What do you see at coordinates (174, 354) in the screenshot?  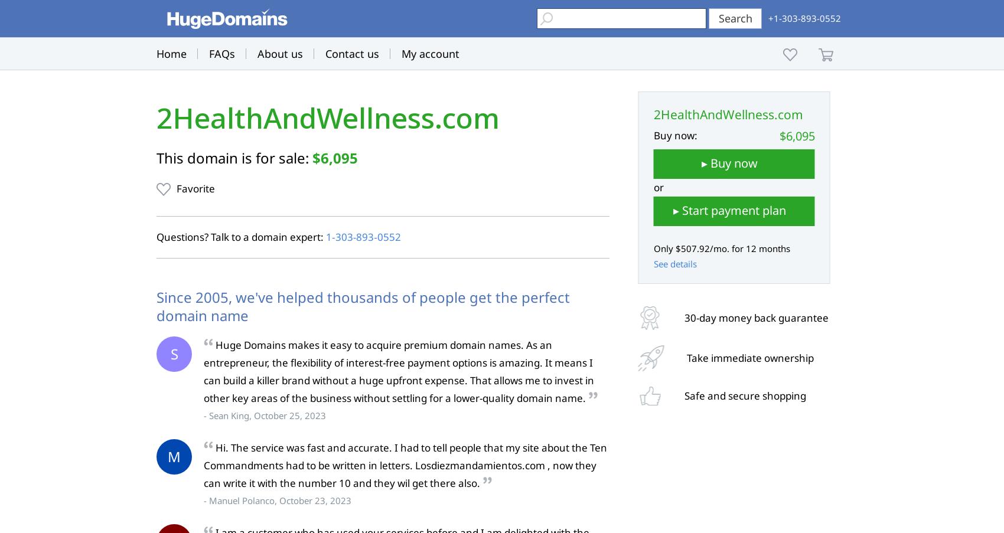 I see `'S'` at bounding box center [174, 354].